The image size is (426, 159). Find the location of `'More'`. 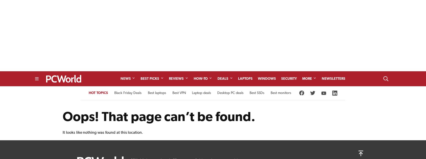

'More' is located at coordinates (306, 78).